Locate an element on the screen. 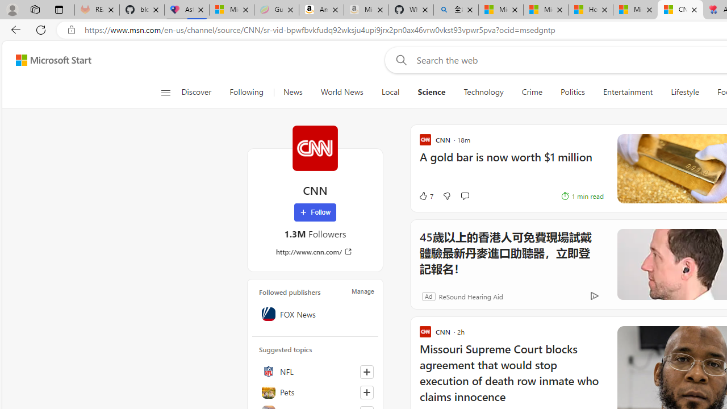  'Class: button-glyph' is located at coordinates (165, 92).